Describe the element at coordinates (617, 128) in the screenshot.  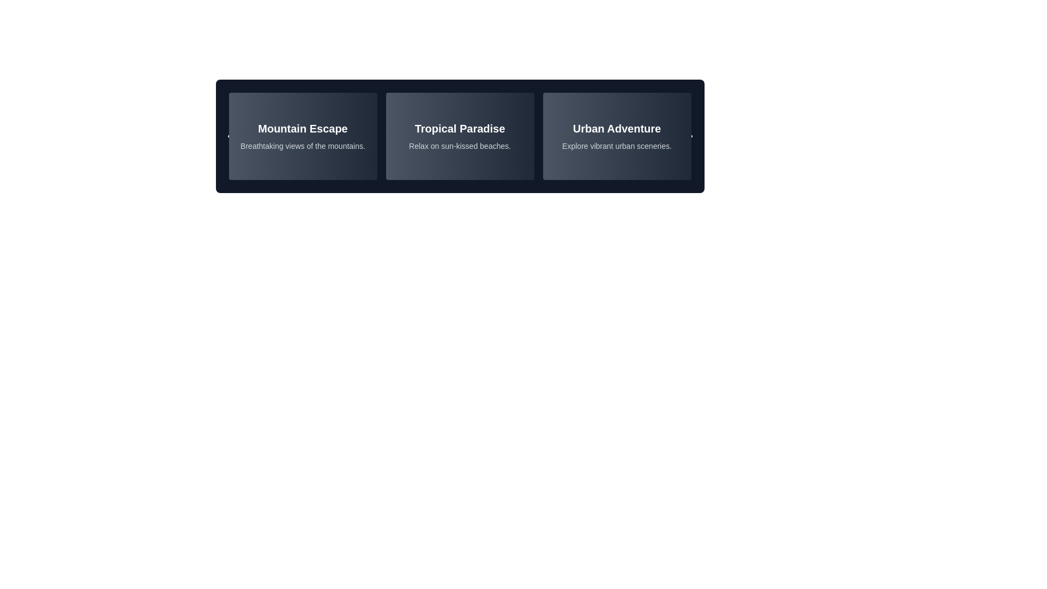
I see `text content of the bold text label displaying 'Urban Adventure', which is located at the top-right corner of the third card in the row, on a dark gradient background` at that location.